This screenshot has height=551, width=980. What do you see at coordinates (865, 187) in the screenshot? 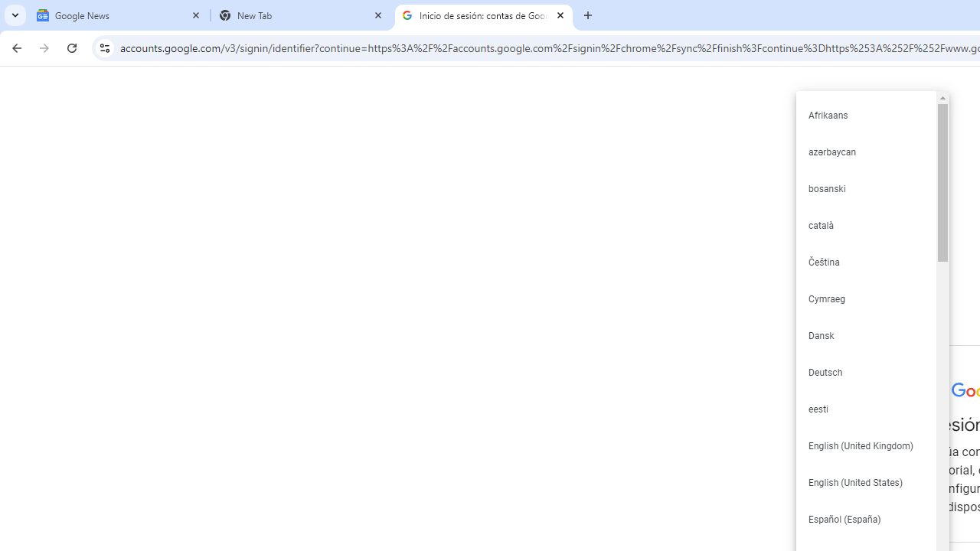
I see `'bosanski'` at bounding box center [865, 187].